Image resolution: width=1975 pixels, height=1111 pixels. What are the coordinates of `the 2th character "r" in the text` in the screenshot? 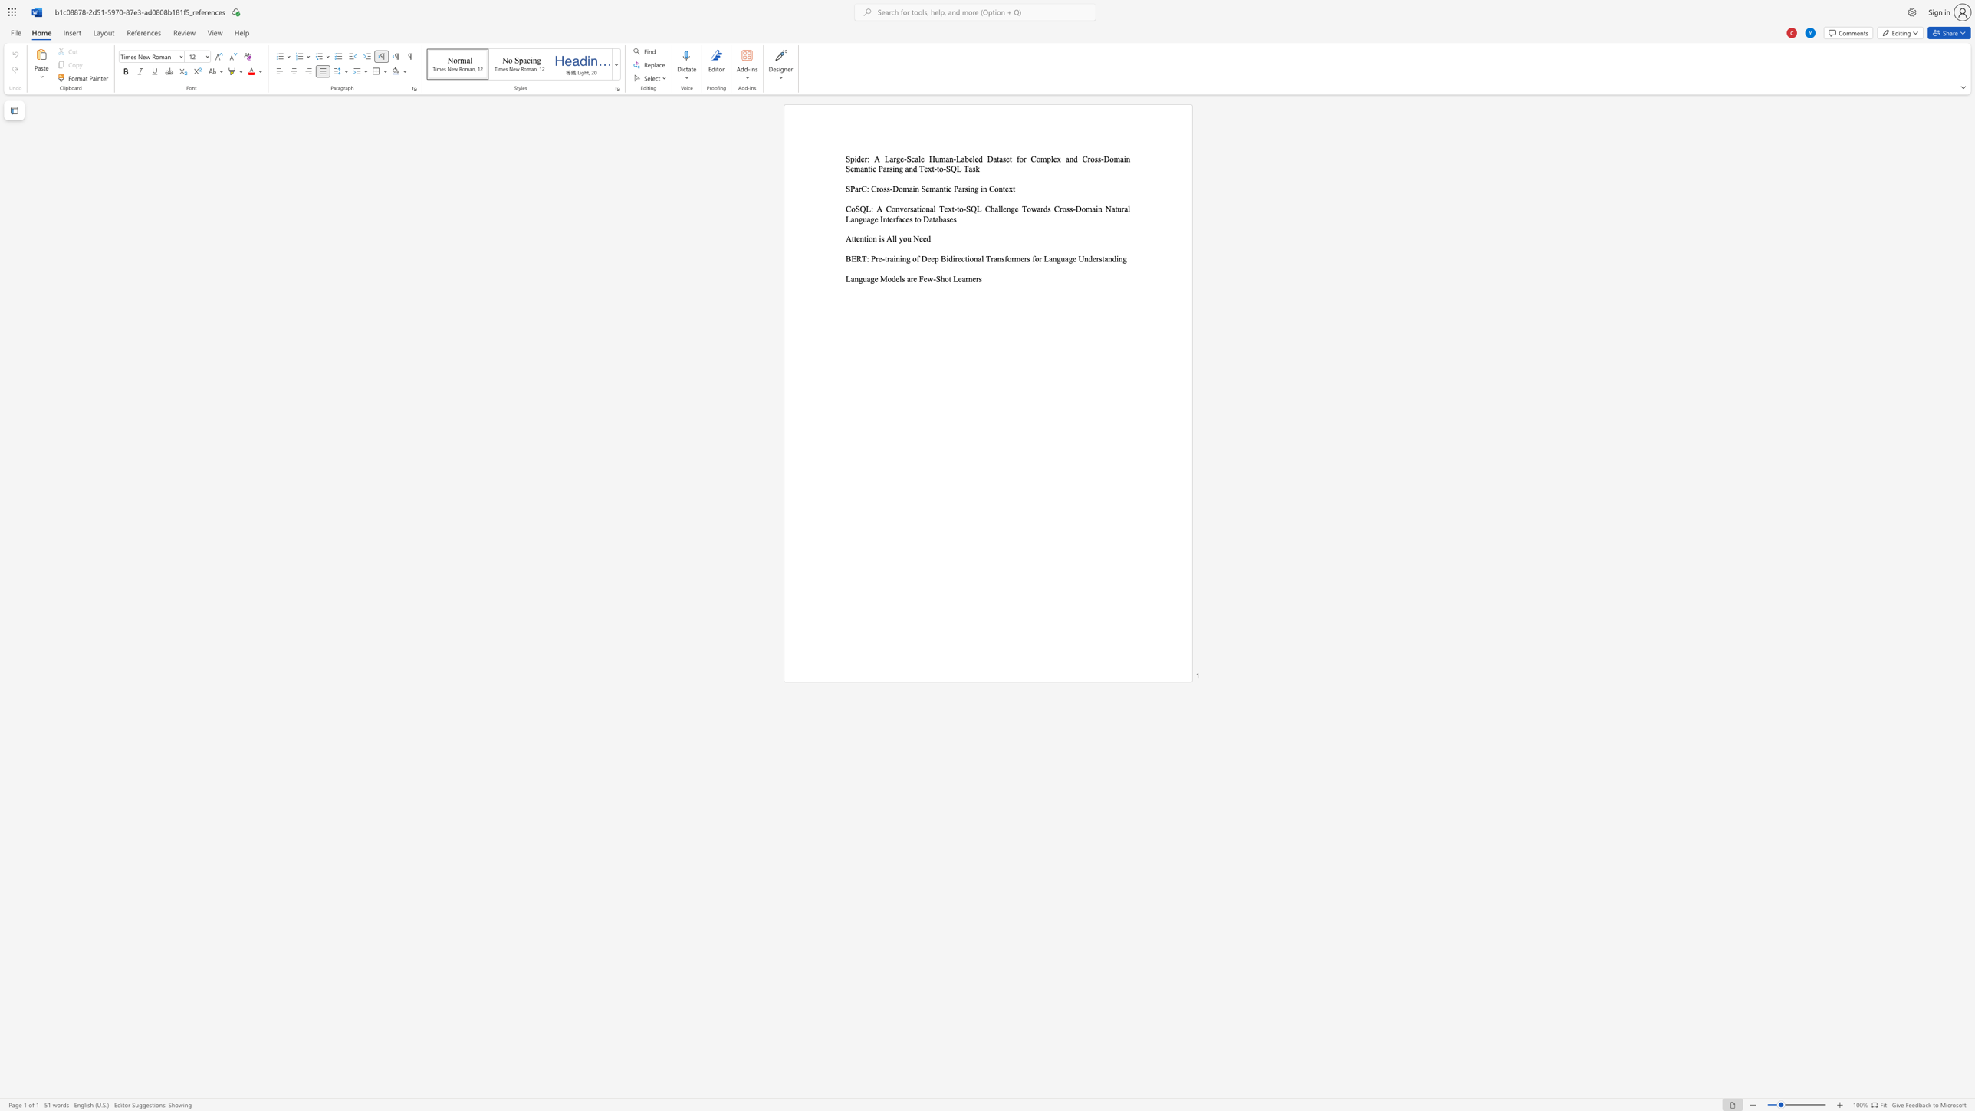 It's located at (966, 278).